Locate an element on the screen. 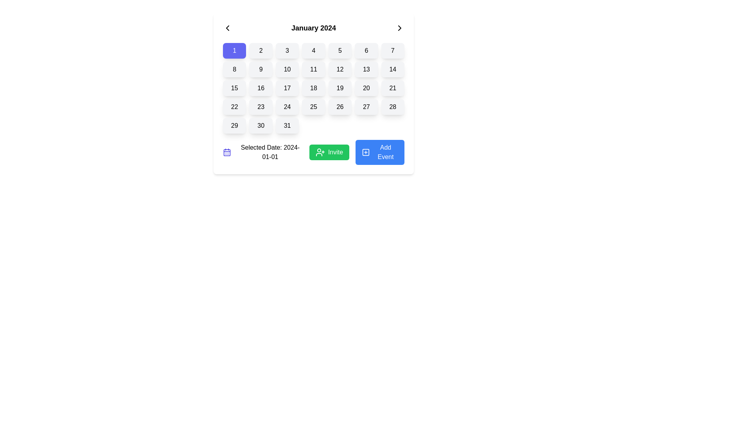 The width and height of the screenshot is (751, 422). the button representing the number '15' in the January 2024 calendar for keyboard input is located at coordinates (234, 88).